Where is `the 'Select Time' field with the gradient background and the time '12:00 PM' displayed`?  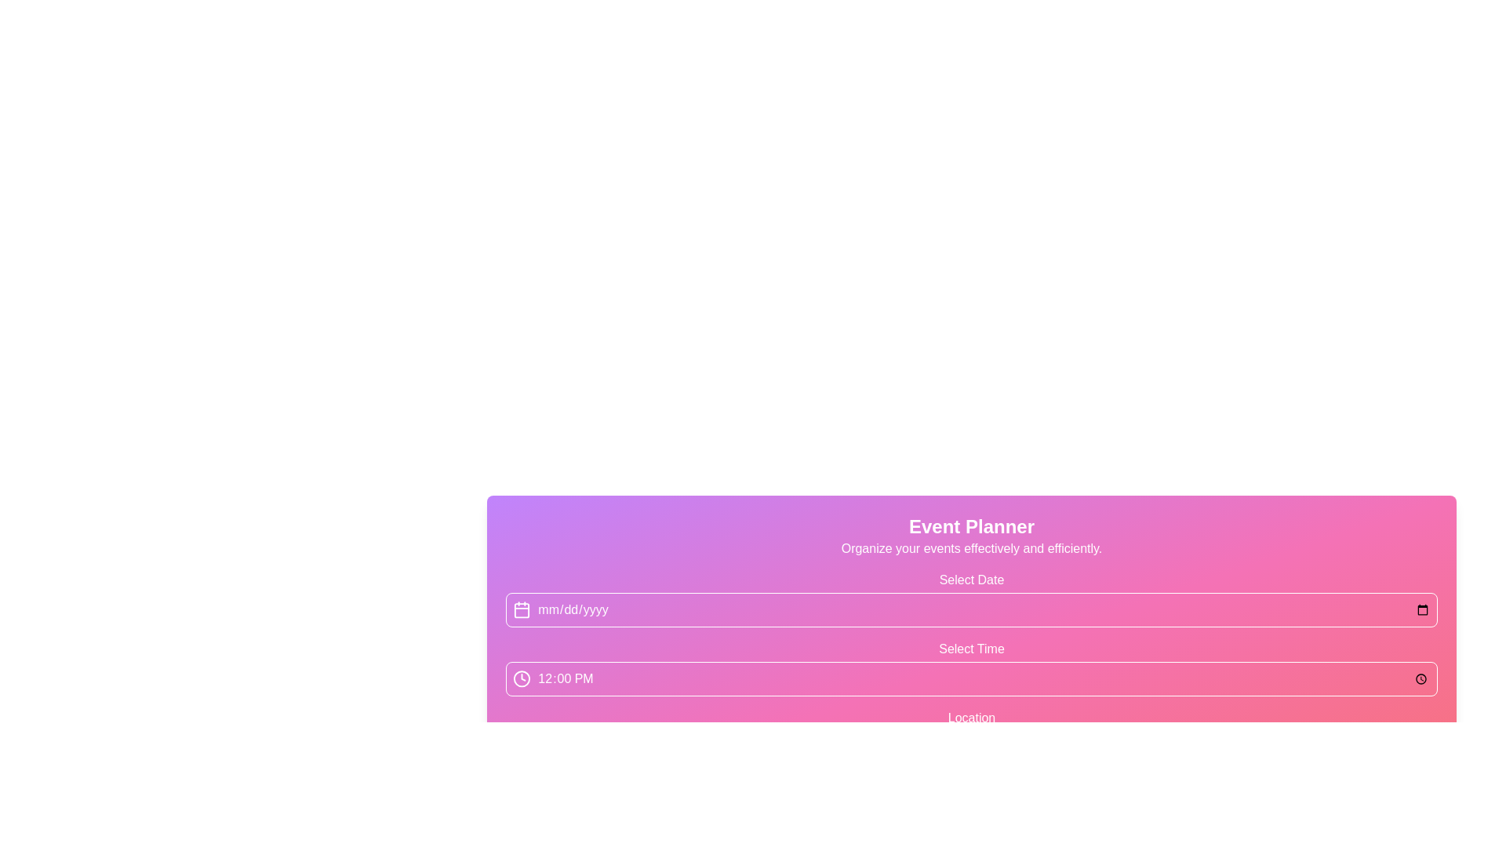 the 'Select Time' field with the gradient background and the time '12:00 PM' displayed is located at coordinates (970, 668).